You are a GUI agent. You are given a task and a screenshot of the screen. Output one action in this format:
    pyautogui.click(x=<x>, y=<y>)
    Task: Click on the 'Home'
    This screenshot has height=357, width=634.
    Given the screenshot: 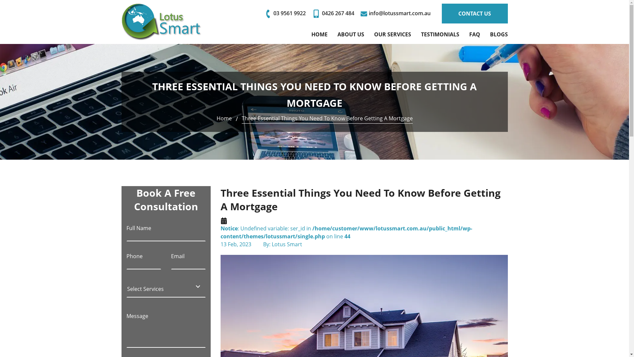 What is the action you would take?
    pyautogui.click(x=224, y=118)
    